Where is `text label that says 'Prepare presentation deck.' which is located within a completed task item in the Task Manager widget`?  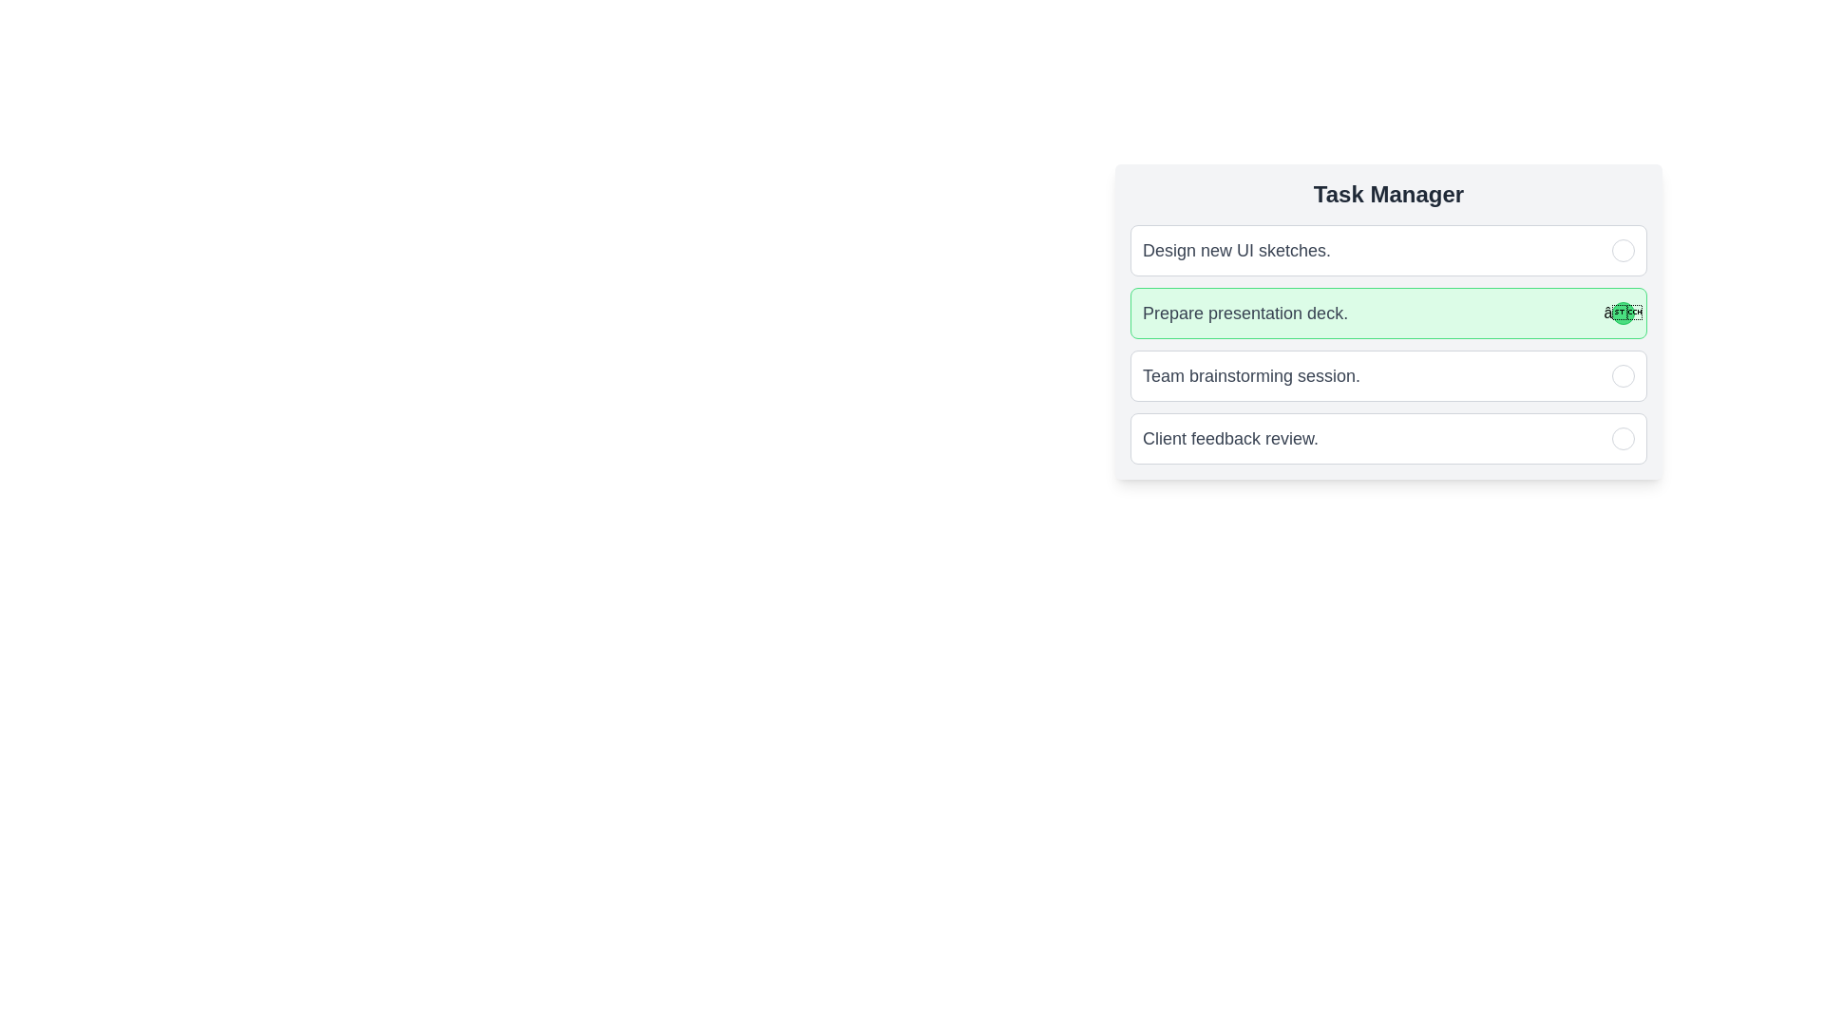 text label that says 'Prepare presentation deck.' which is located within a completed task item in the Task Manager widget is located at coordinates (1244, 313).